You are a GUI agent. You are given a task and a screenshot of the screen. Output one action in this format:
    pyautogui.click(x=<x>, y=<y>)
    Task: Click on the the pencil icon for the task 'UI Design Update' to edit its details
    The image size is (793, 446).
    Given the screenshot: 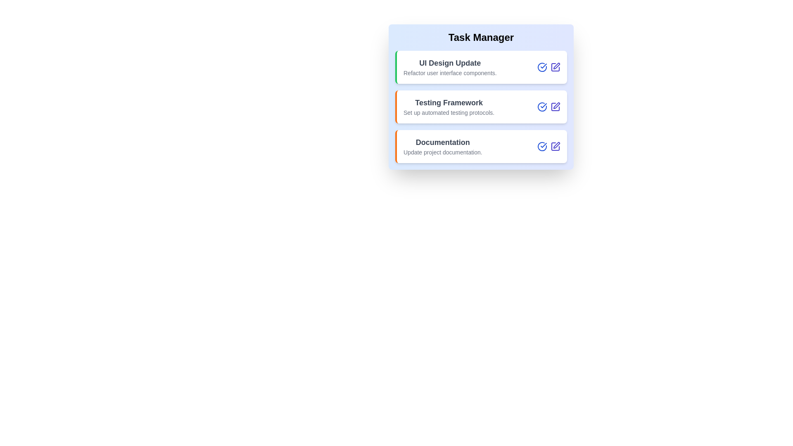 What is the action you would take?
    pyautogui.click(x=555, y=66)
    